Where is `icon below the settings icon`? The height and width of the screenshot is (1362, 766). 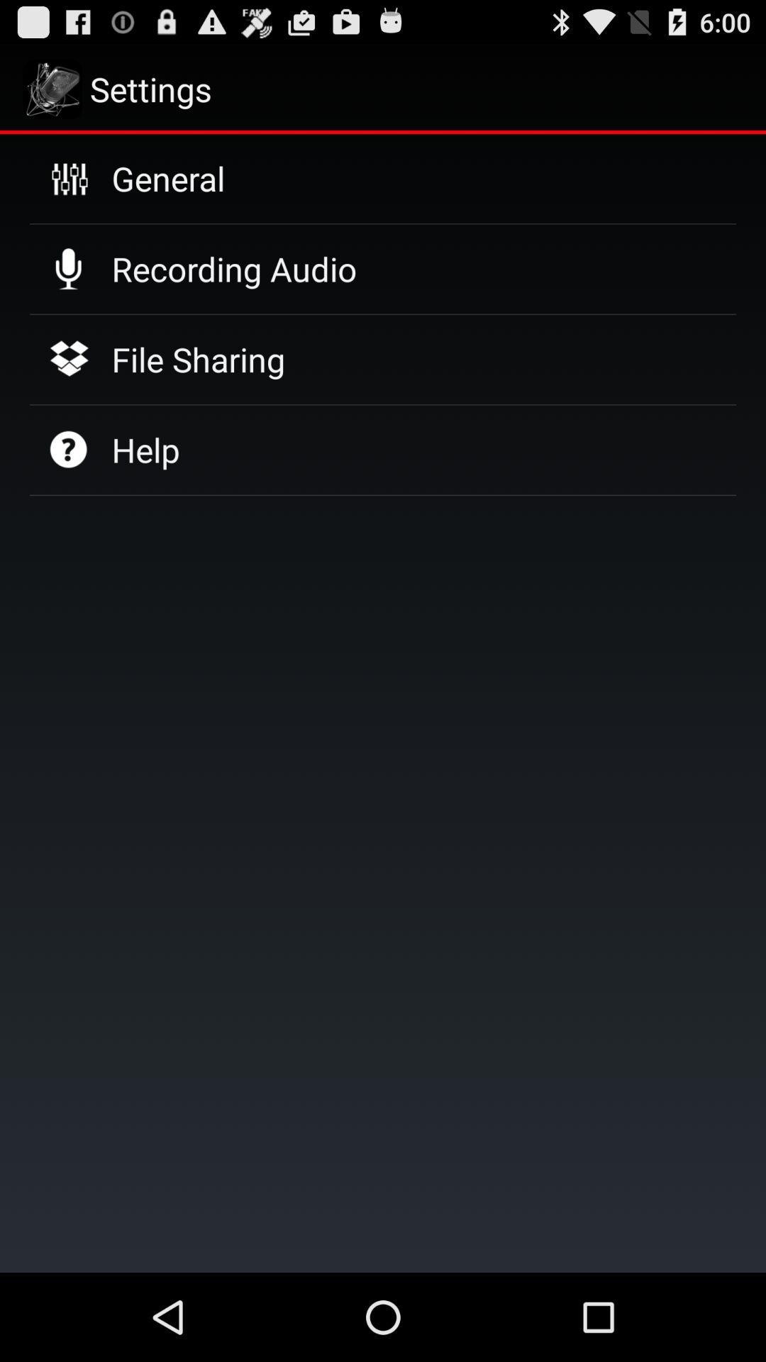
icon below the settings icon is located at coordinates (167, 177).